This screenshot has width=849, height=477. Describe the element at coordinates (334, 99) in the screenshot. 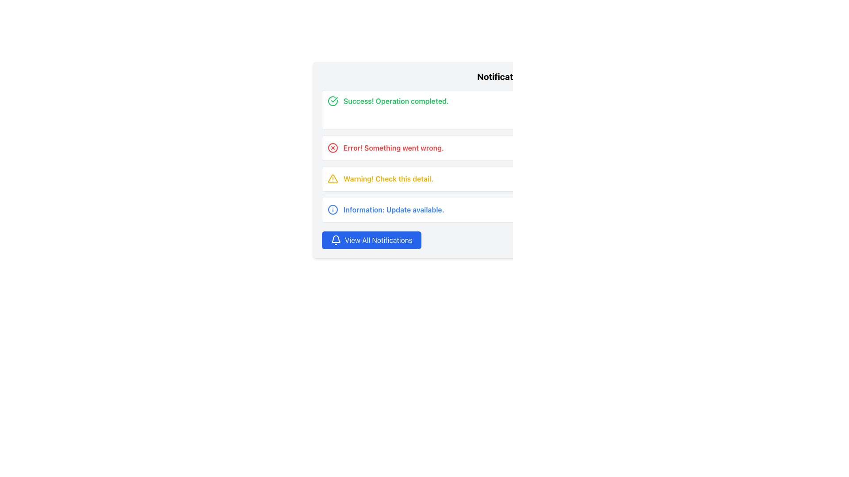

I see `the success notification icon located in the notification box, positioned to the left of the text 'Success! Operation completed.'` at that location.